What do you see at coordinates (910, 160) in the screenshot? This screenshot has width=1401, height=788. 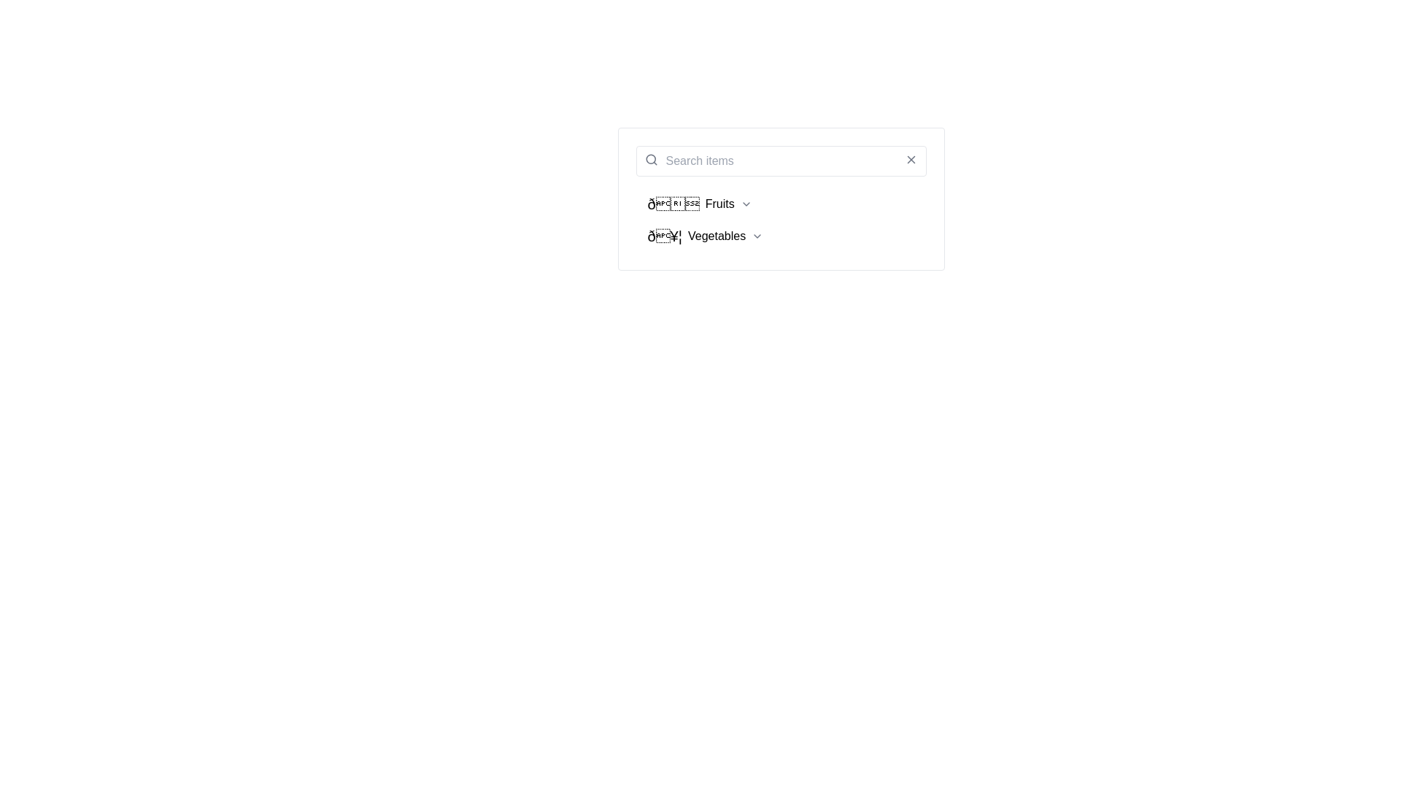 I see `the 'X' icon located at the top-right corner of the search bar to receive additional information` at bounding box center [910, 160].